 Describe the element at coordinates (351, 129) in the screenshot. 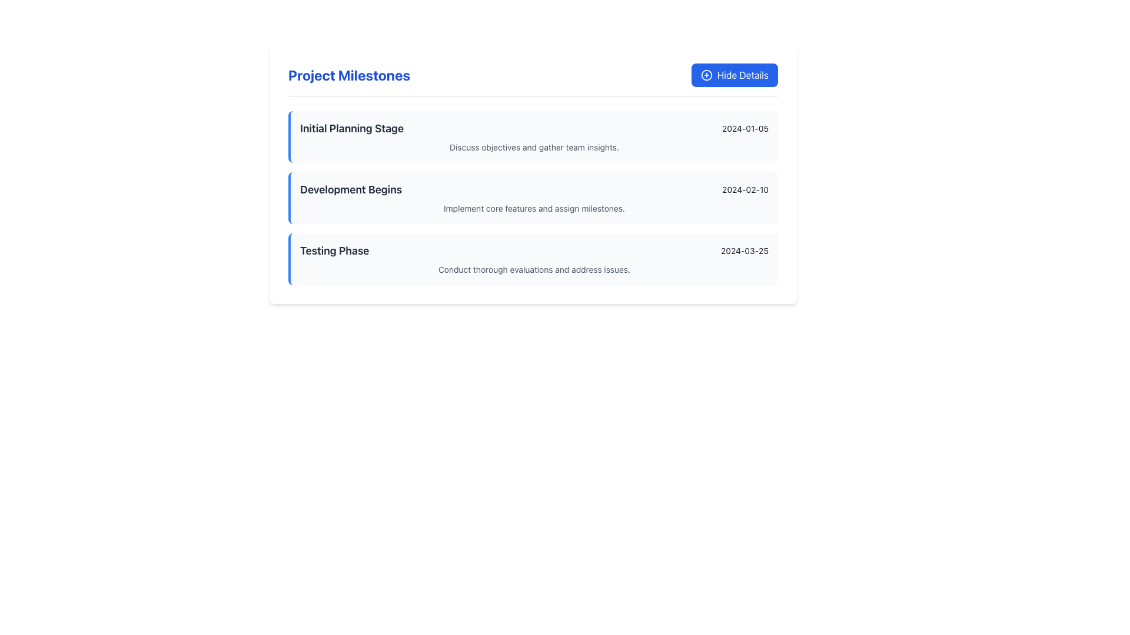

I see `the Text Label that serves as a title or header for the corresponding section, positioned in the top-left corner of its horizontal layout group` at that location.